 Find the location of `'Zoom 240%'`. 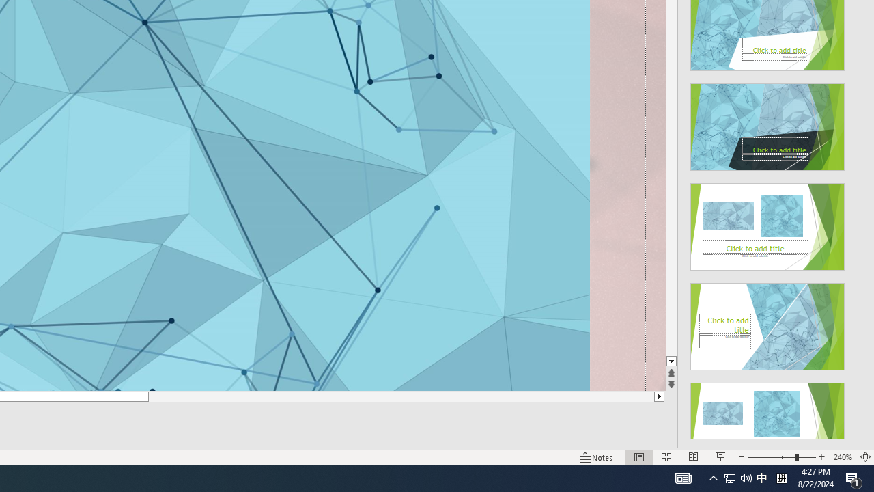

'Zoom 240%' is located at coordinates (842, 457).